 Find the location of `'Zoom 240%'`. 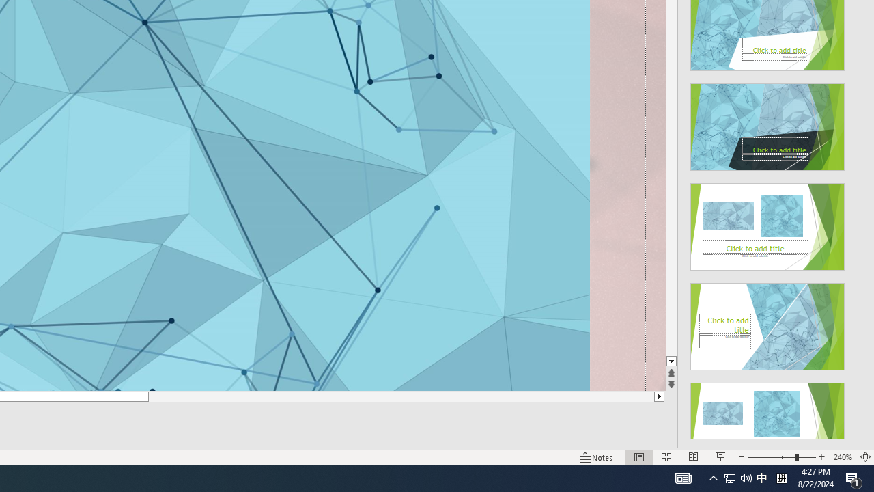

'Zoom 240%' is located at coordinates (842, 457).